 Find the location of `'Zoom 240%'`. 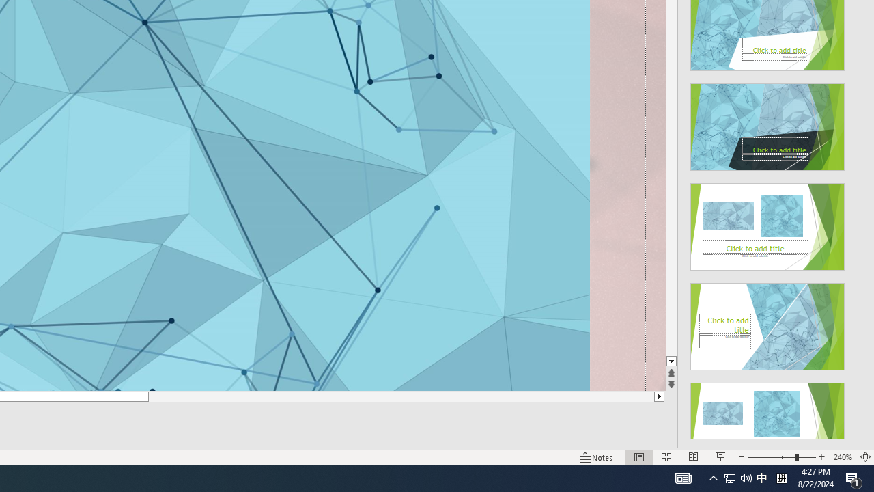

'Zoom 240%' is located at coordinates (842, 457).